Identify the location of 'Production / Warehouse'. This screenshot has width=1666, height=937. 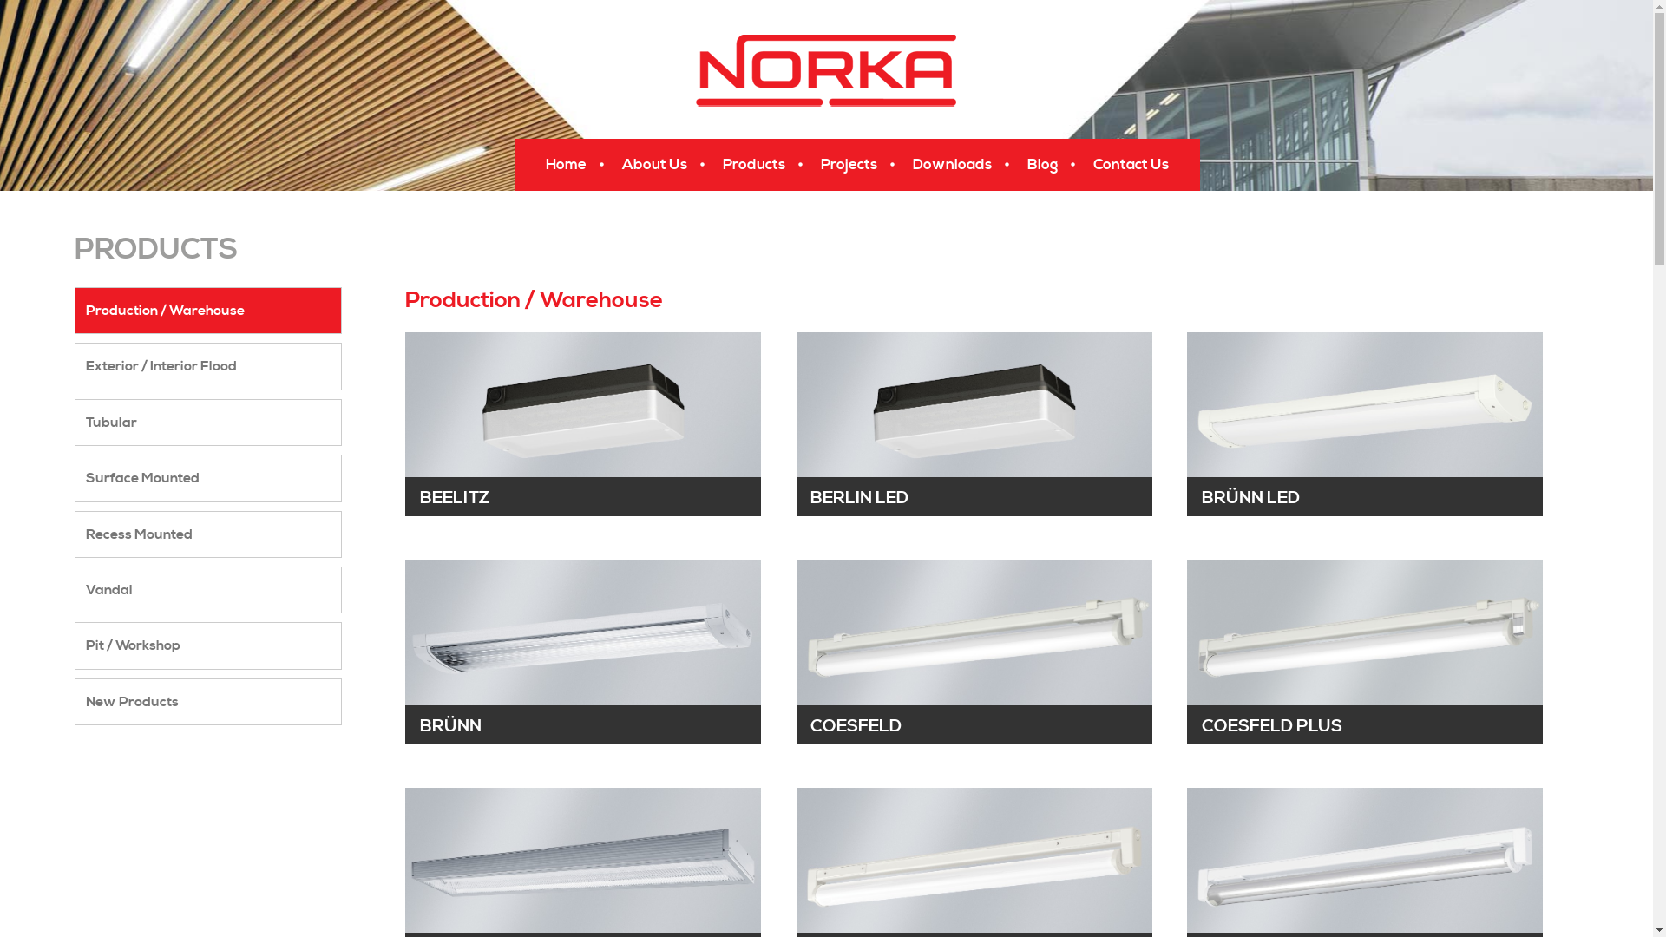
(208, 310).